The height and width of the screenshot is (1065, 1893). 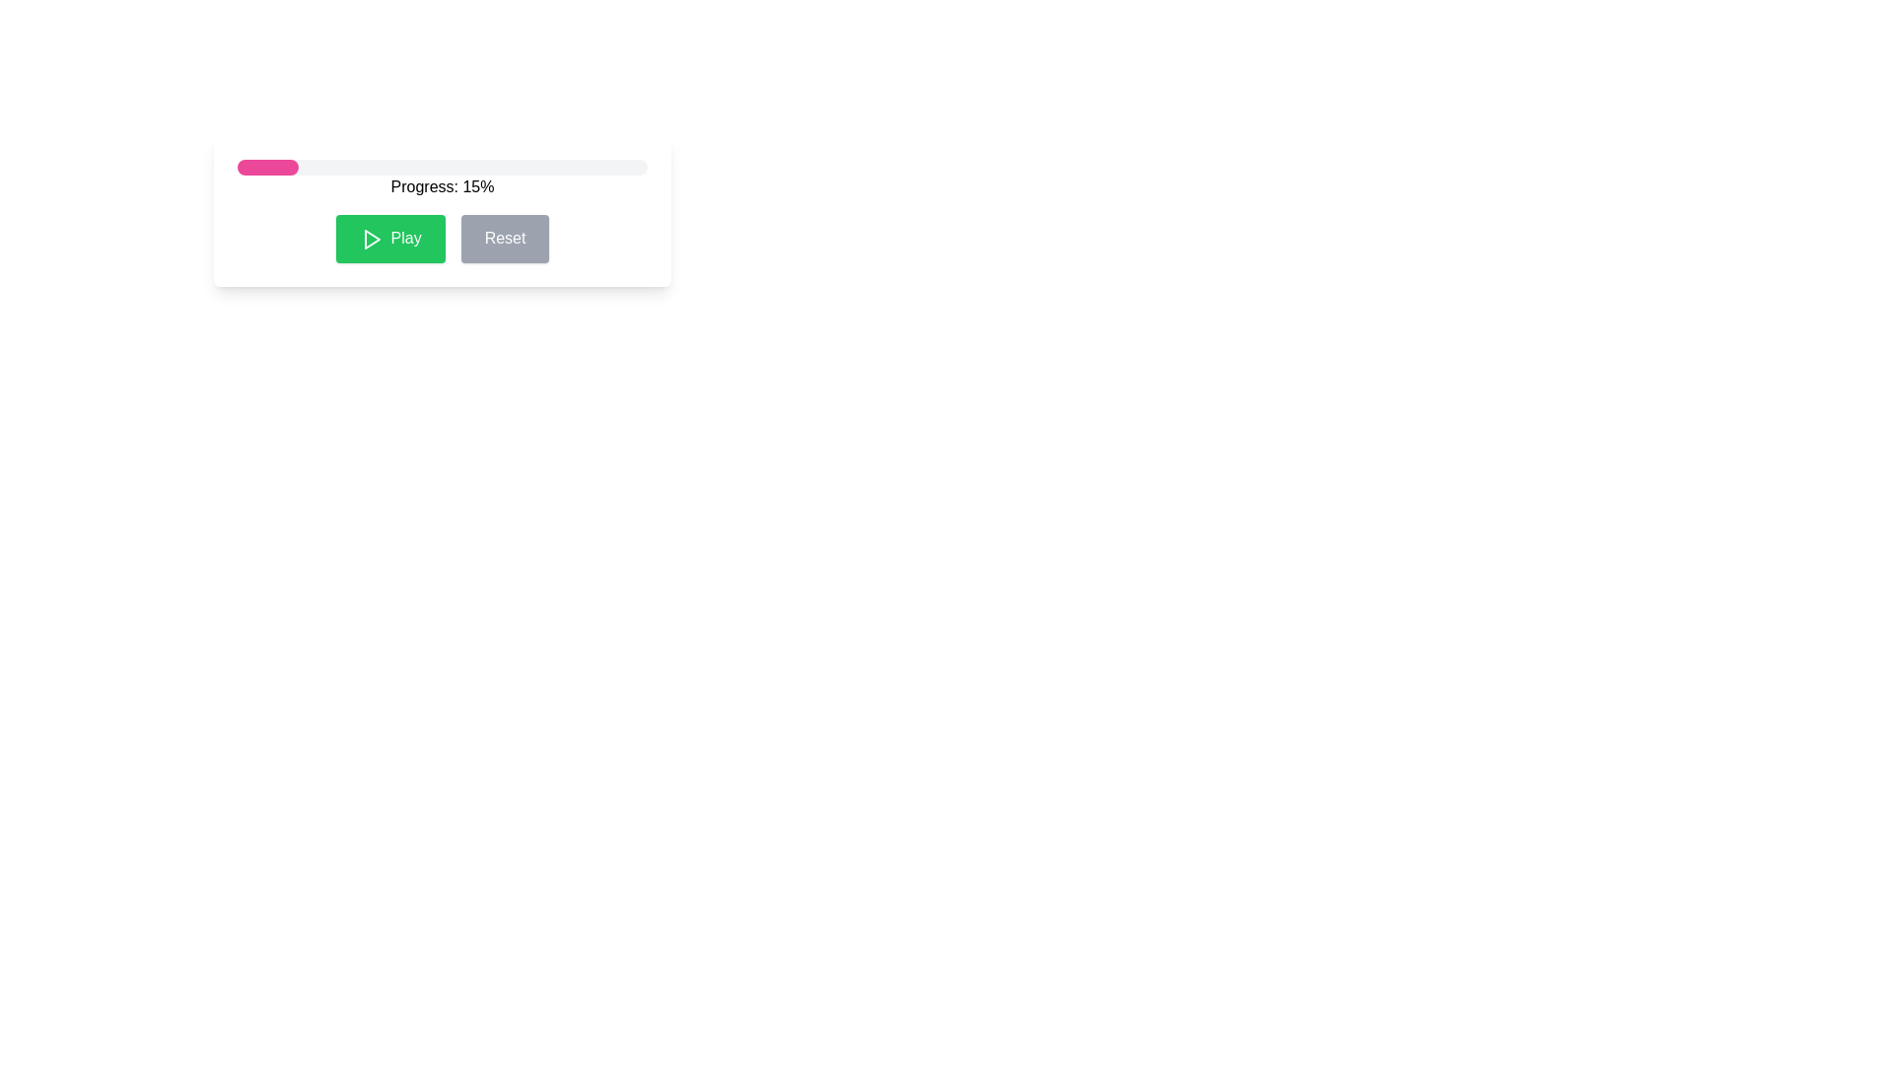 What do you see at coordinates (390, 238) in the screenshot?
I see `the 'Play' button, a rectangular button with a green background and white text label` at bounding box center [390, 238].